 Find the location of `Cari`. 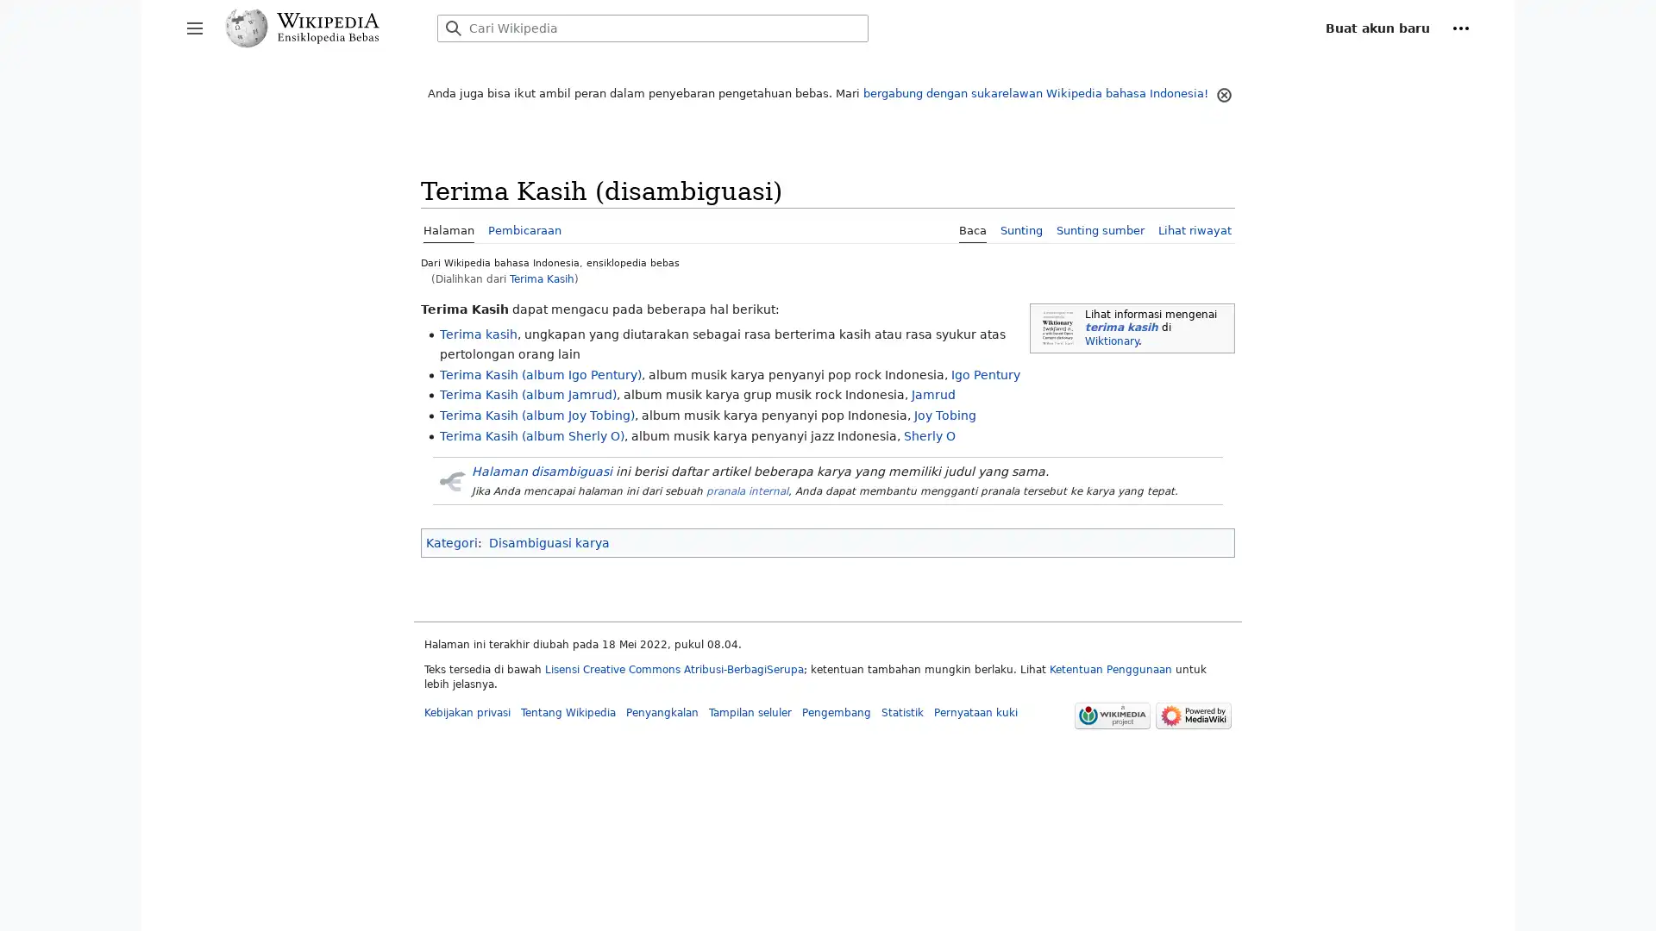

Cari is located at coordinates (454, 28).